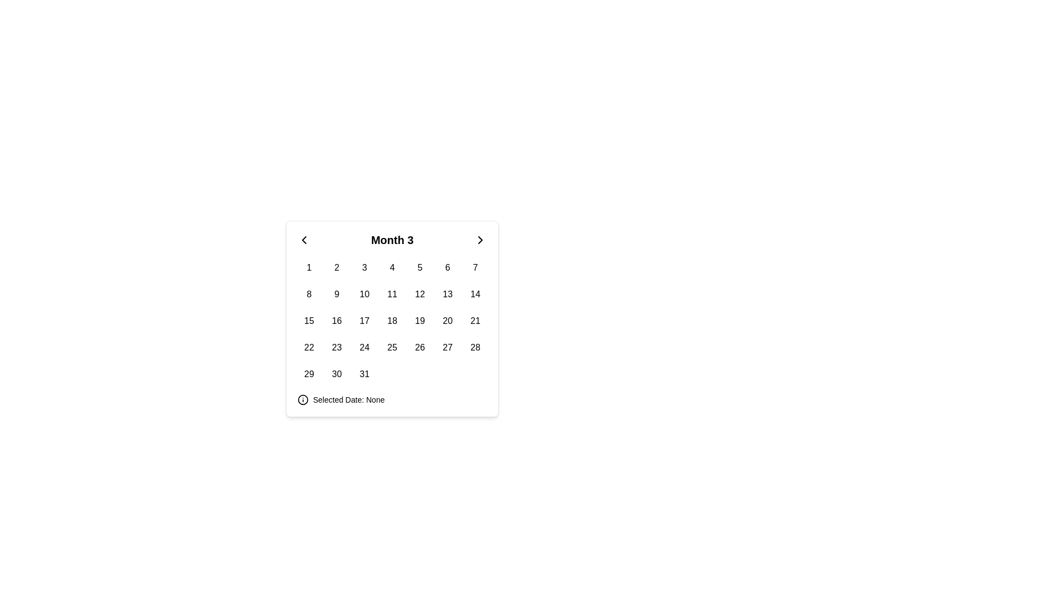  Describe the element at coordinates (392, 267) in the screenshot. I see `the button-like UI element representing the date '4'` at that location.